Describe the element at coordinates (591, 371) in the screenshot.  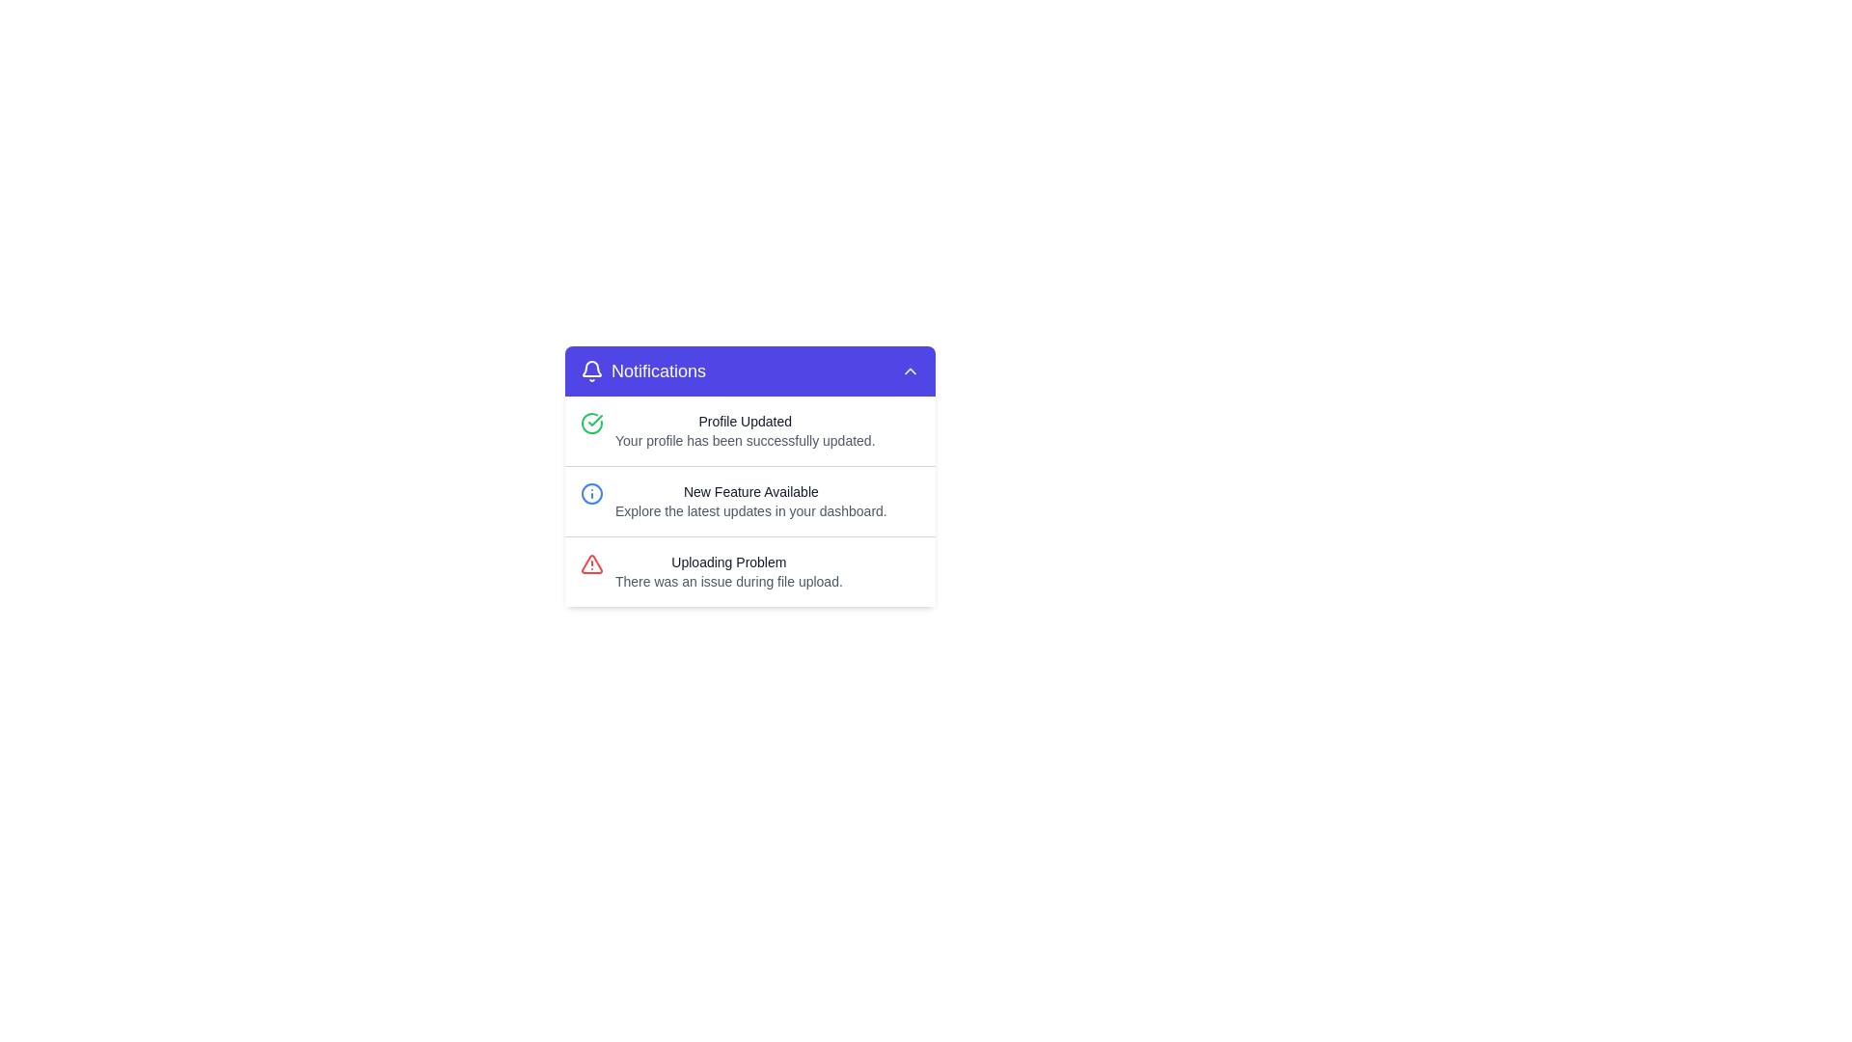
I see `the stylized white bell icon on the purple background located at the leftmost end of the header section labeled 'Notifications'` at that location.